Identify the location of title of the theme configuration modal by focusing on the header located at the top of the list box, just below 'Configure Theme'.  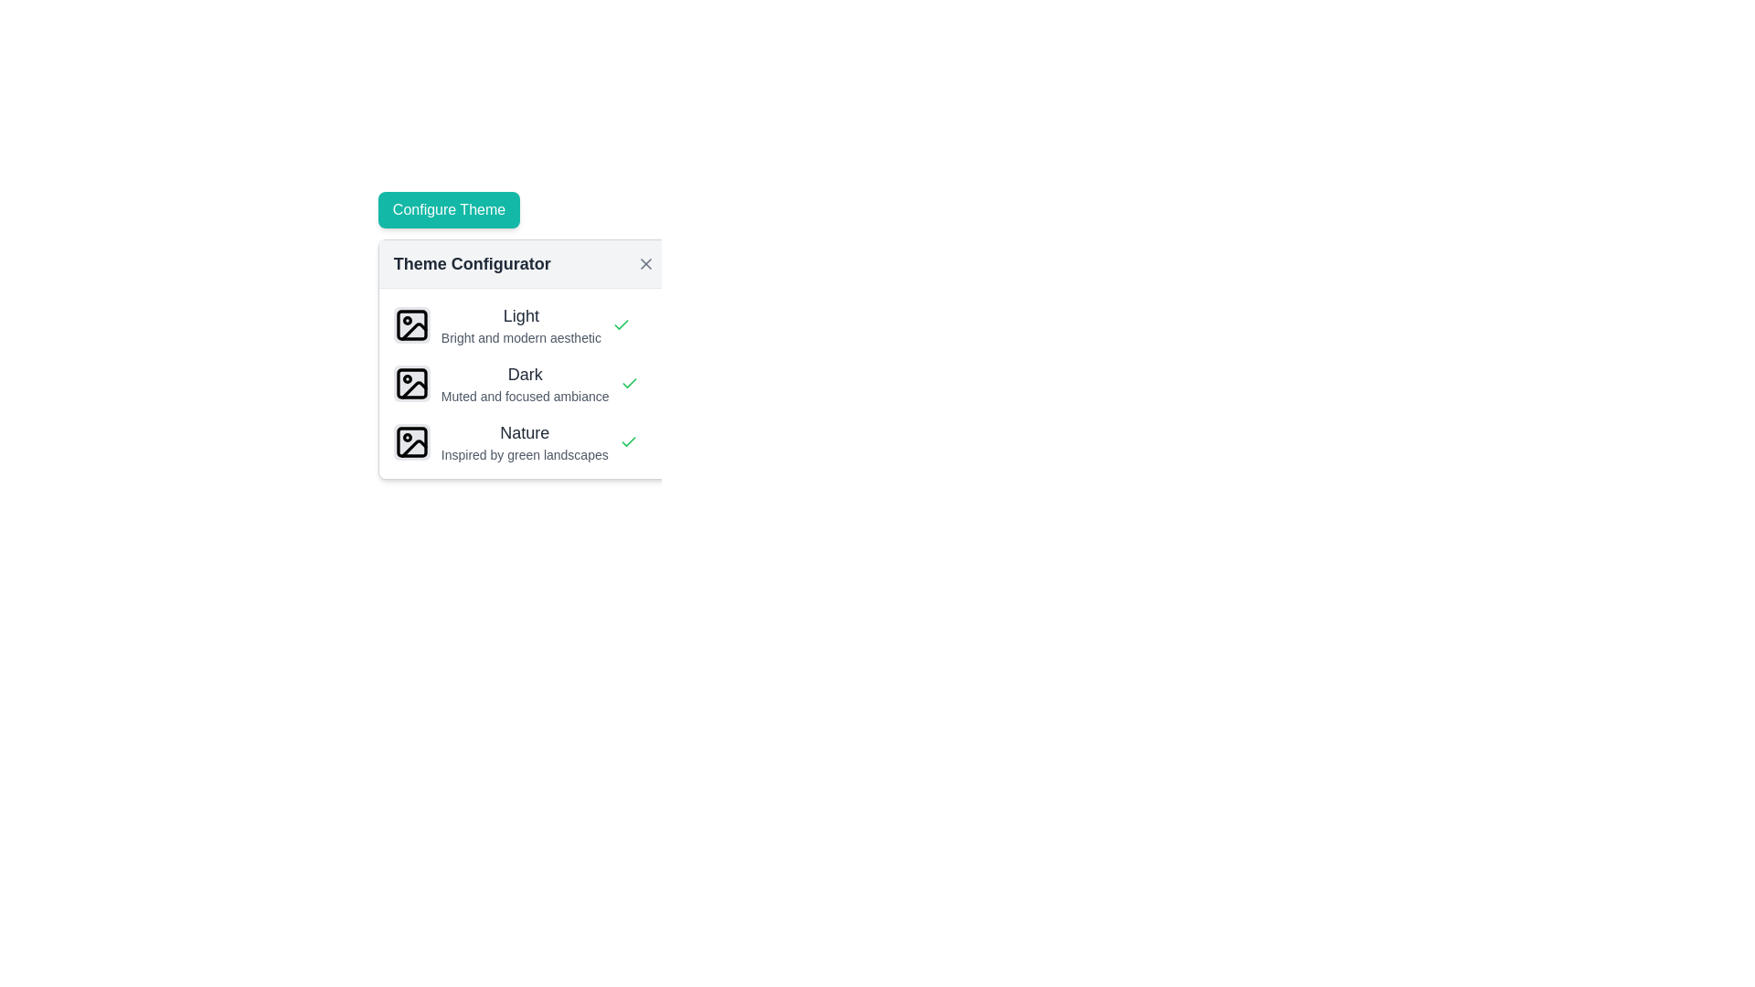
(523, 264).